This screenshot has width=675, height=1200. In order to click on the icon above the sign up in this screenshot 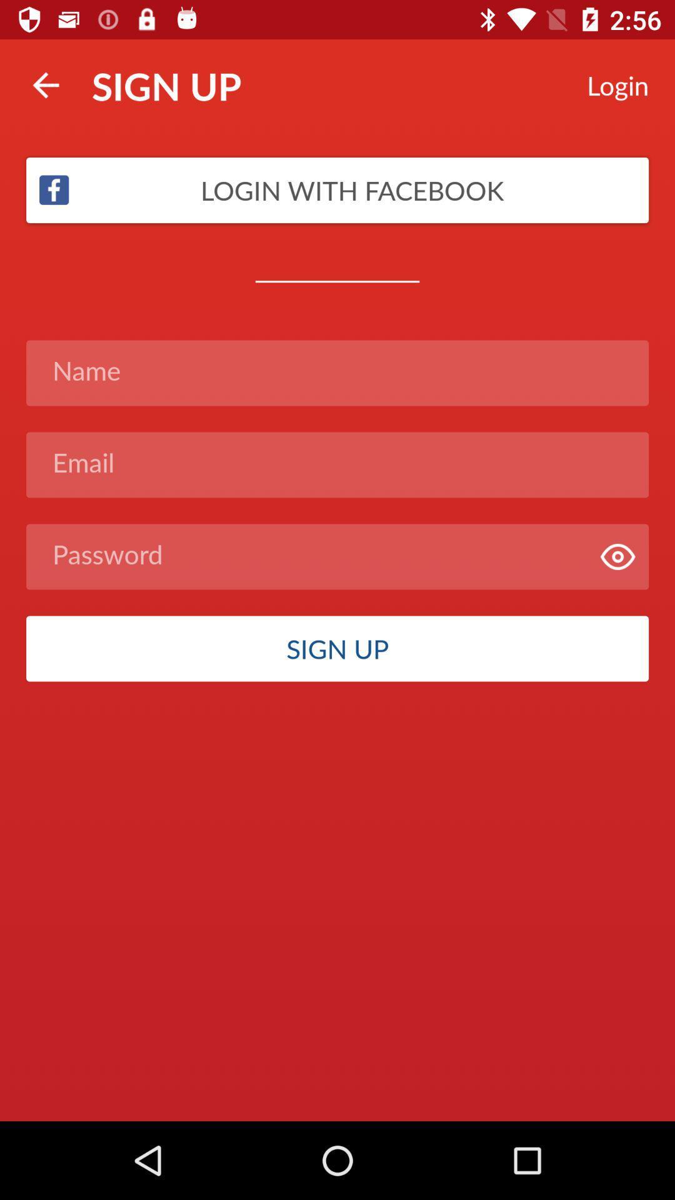, I will do `click(617, 556)`.